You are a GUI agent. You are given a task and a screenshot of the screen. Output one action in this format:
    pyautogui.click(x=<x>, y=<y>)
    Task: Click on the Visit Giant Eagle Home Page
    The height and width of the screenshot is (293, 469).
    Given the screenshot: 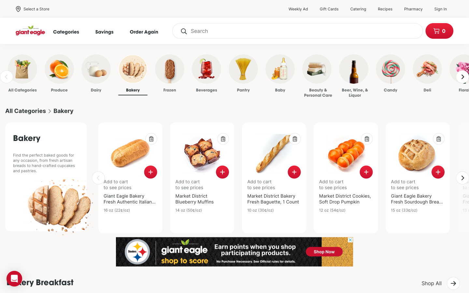 What is the action you would take?
    pyautogui.click(x=31, y=31)
    